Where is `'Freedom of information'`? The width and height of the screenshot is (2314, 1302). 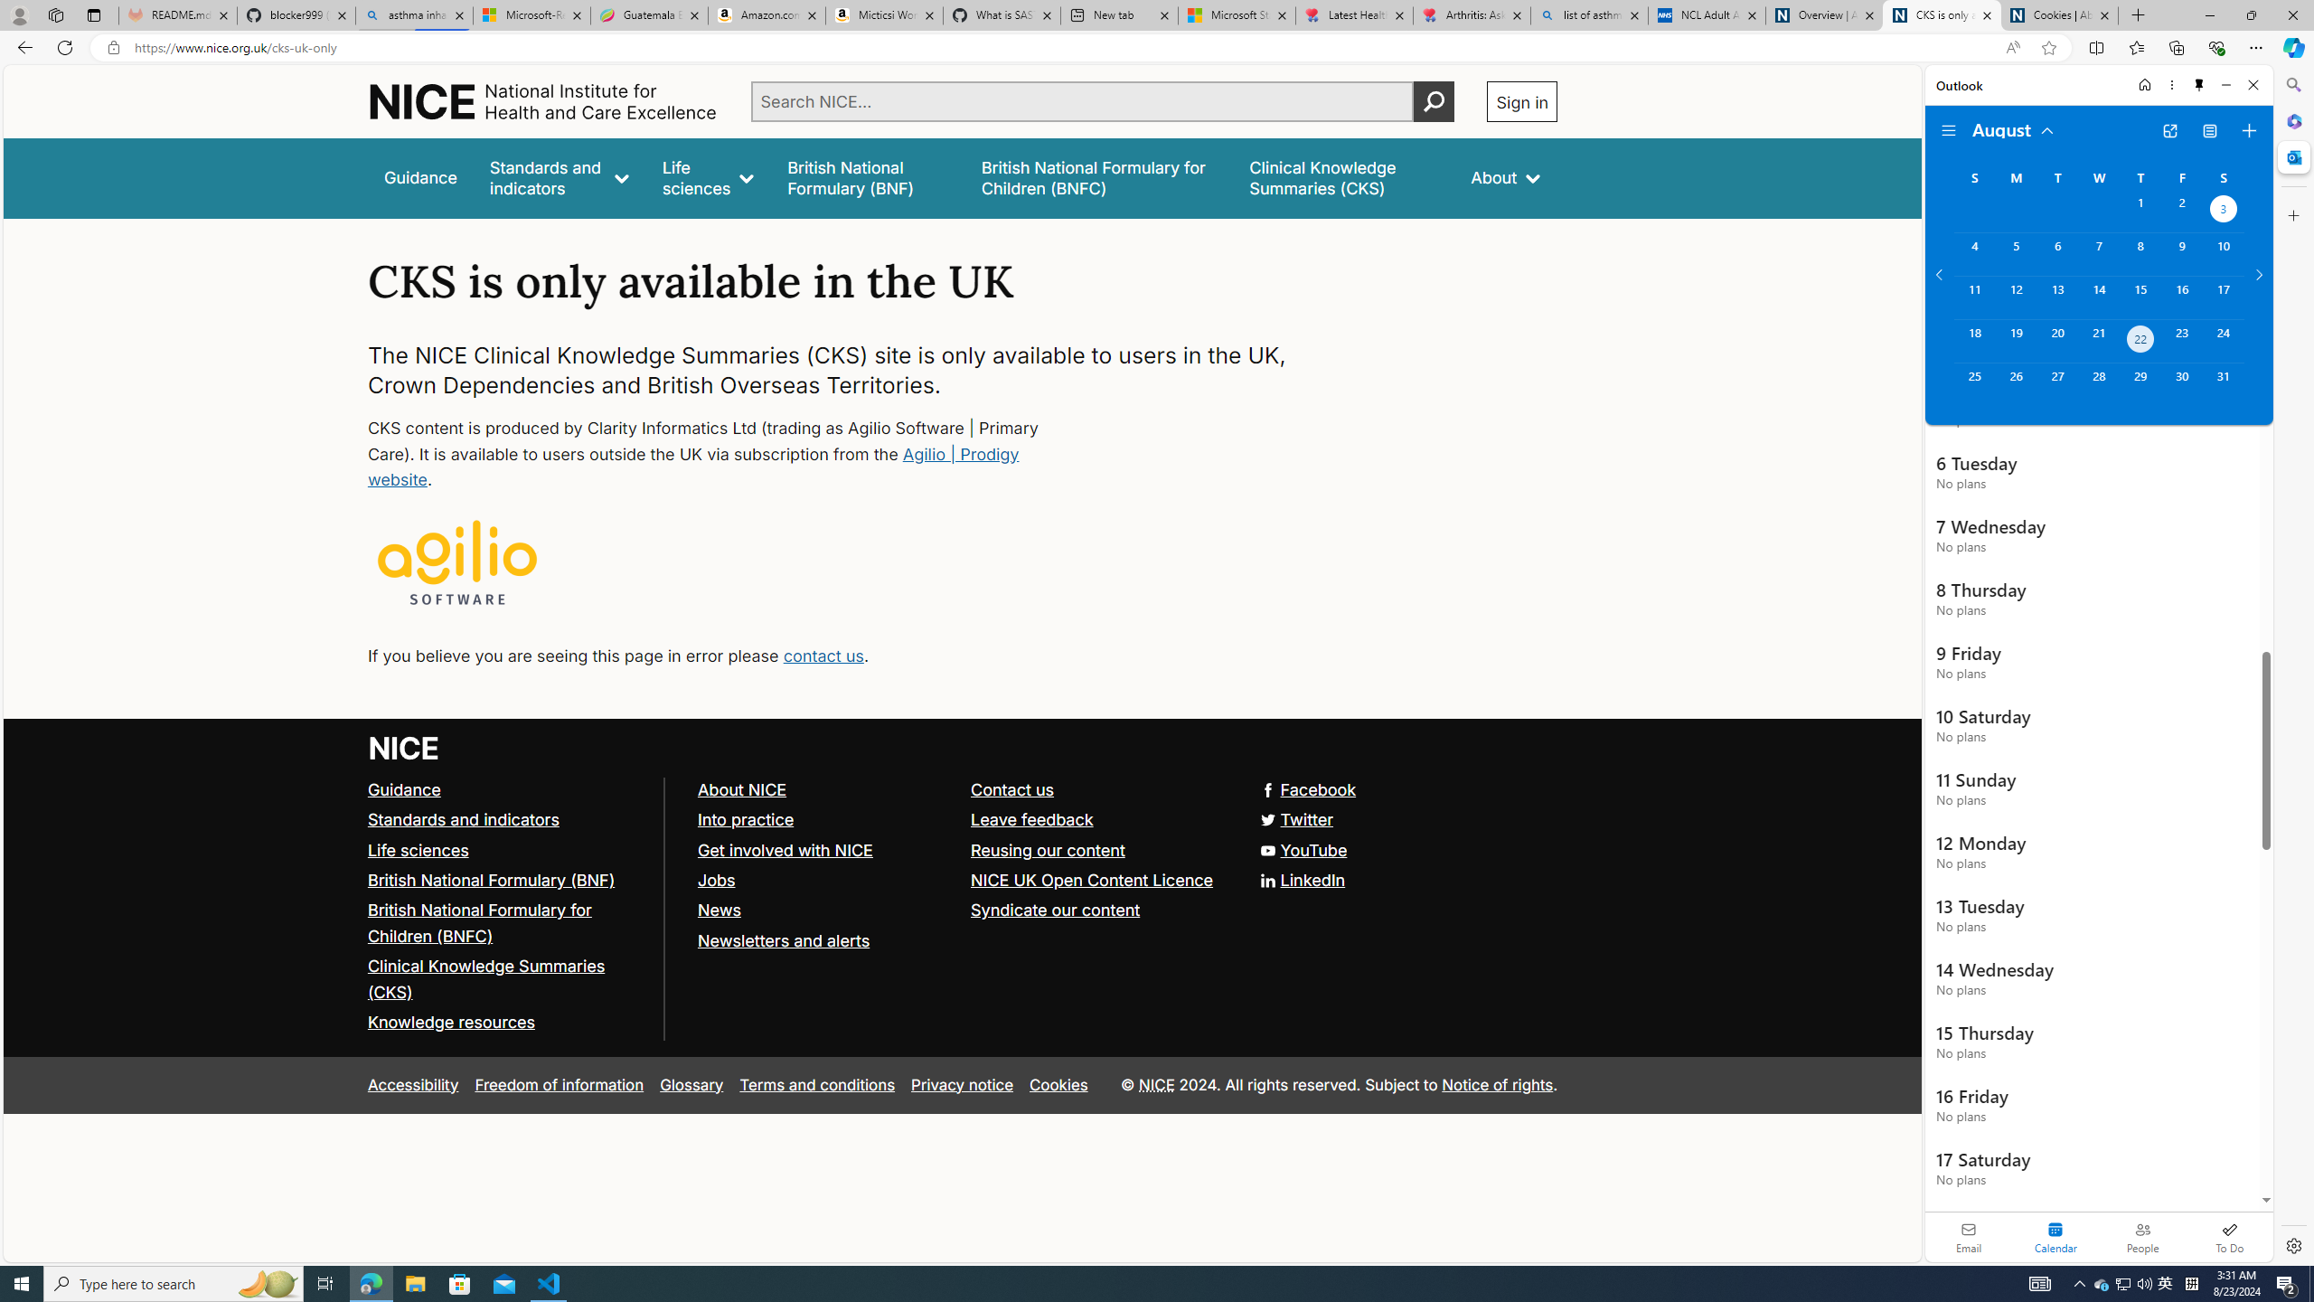
'Freedom of information' is located at coordinates (560, 1084).